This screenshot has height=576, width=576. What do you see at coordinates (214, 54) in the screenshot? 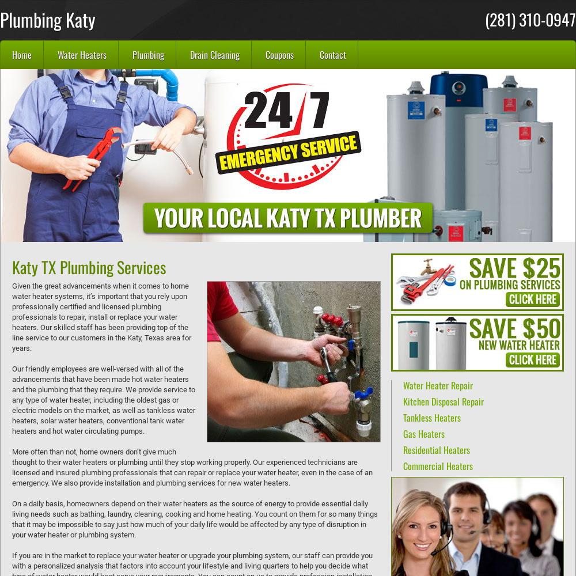
I see `'Drain Cleaning'` at bounding box center [214, 54].